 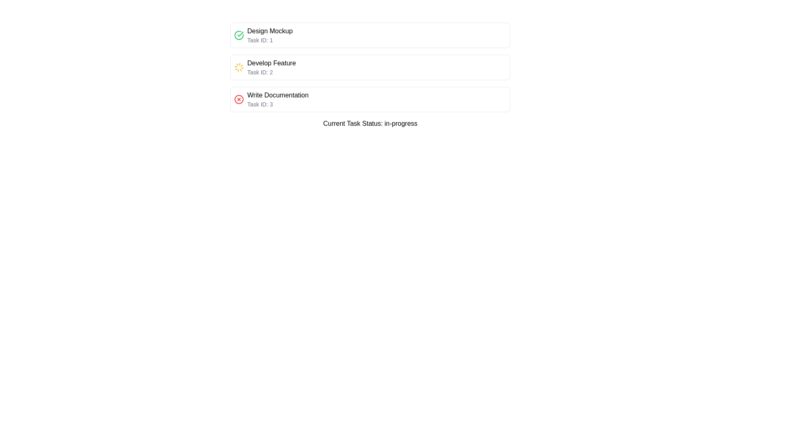 I want to click on the first task list item button displaying 'Design Mockup' and 'Task ID: 1', so click(x=370, y=35).